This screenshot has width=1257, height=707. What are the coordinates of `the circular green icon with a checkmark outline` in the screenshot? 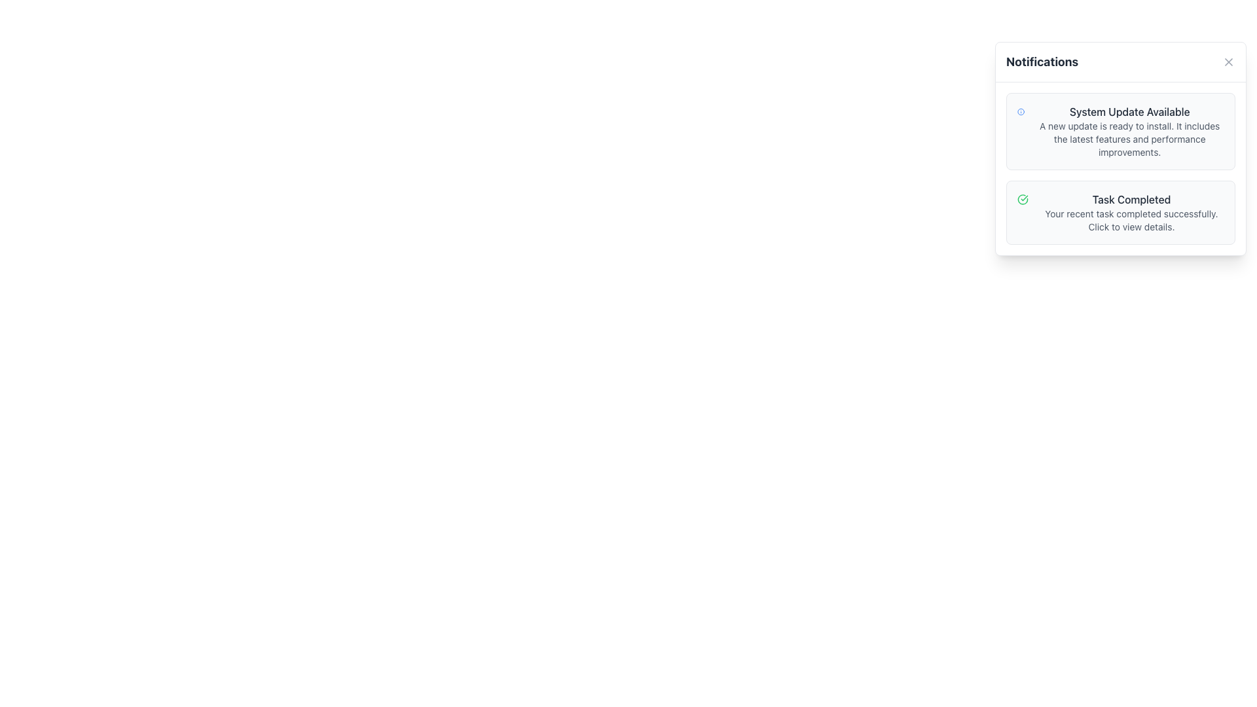 It's located at (1022, 199).